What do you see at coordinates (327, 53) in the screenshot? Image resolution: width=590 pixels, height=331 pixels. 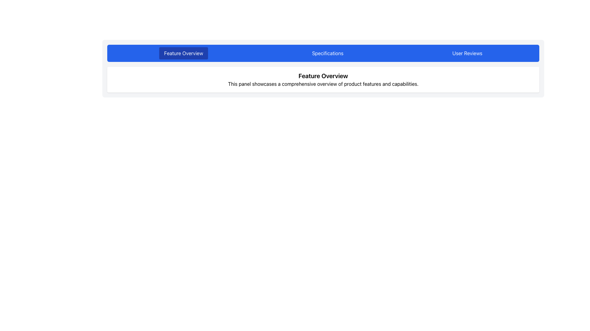 I see `the 'Specifications' button which is labeled with white text on a blue background, positioned between the 'Feature Overview' and 'User Reviews' buttons` at bounding box center [327, 53].